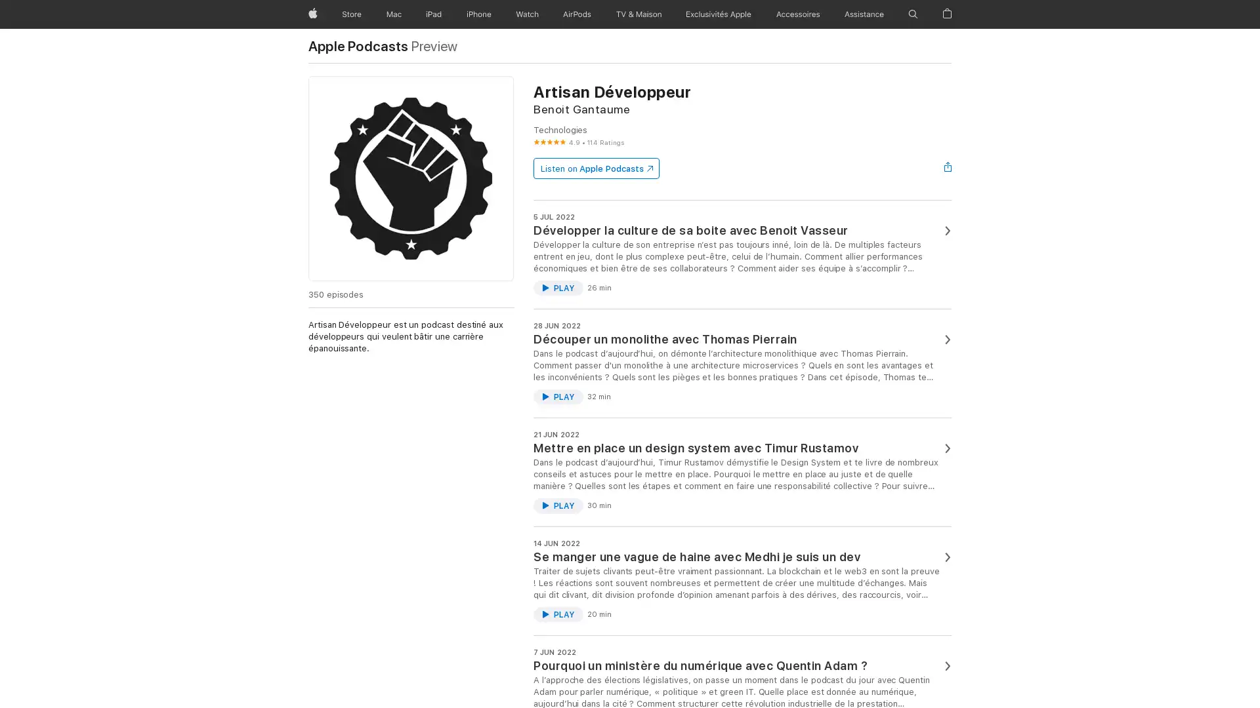  What do you see at coordinates (558, 396) in the screenshot?
I see `Play Decouper un monolithe avec Thomas Pierrain by @@podcastArtist@@` at bounding box center [558, 396].